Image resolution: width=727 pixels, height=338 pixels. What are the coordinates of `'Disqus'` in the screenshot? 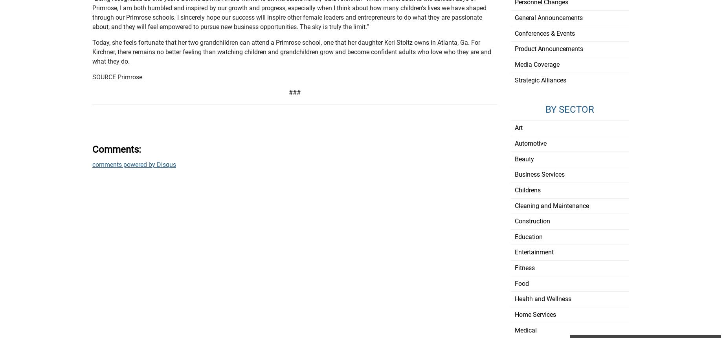 It's located at (166, 164).